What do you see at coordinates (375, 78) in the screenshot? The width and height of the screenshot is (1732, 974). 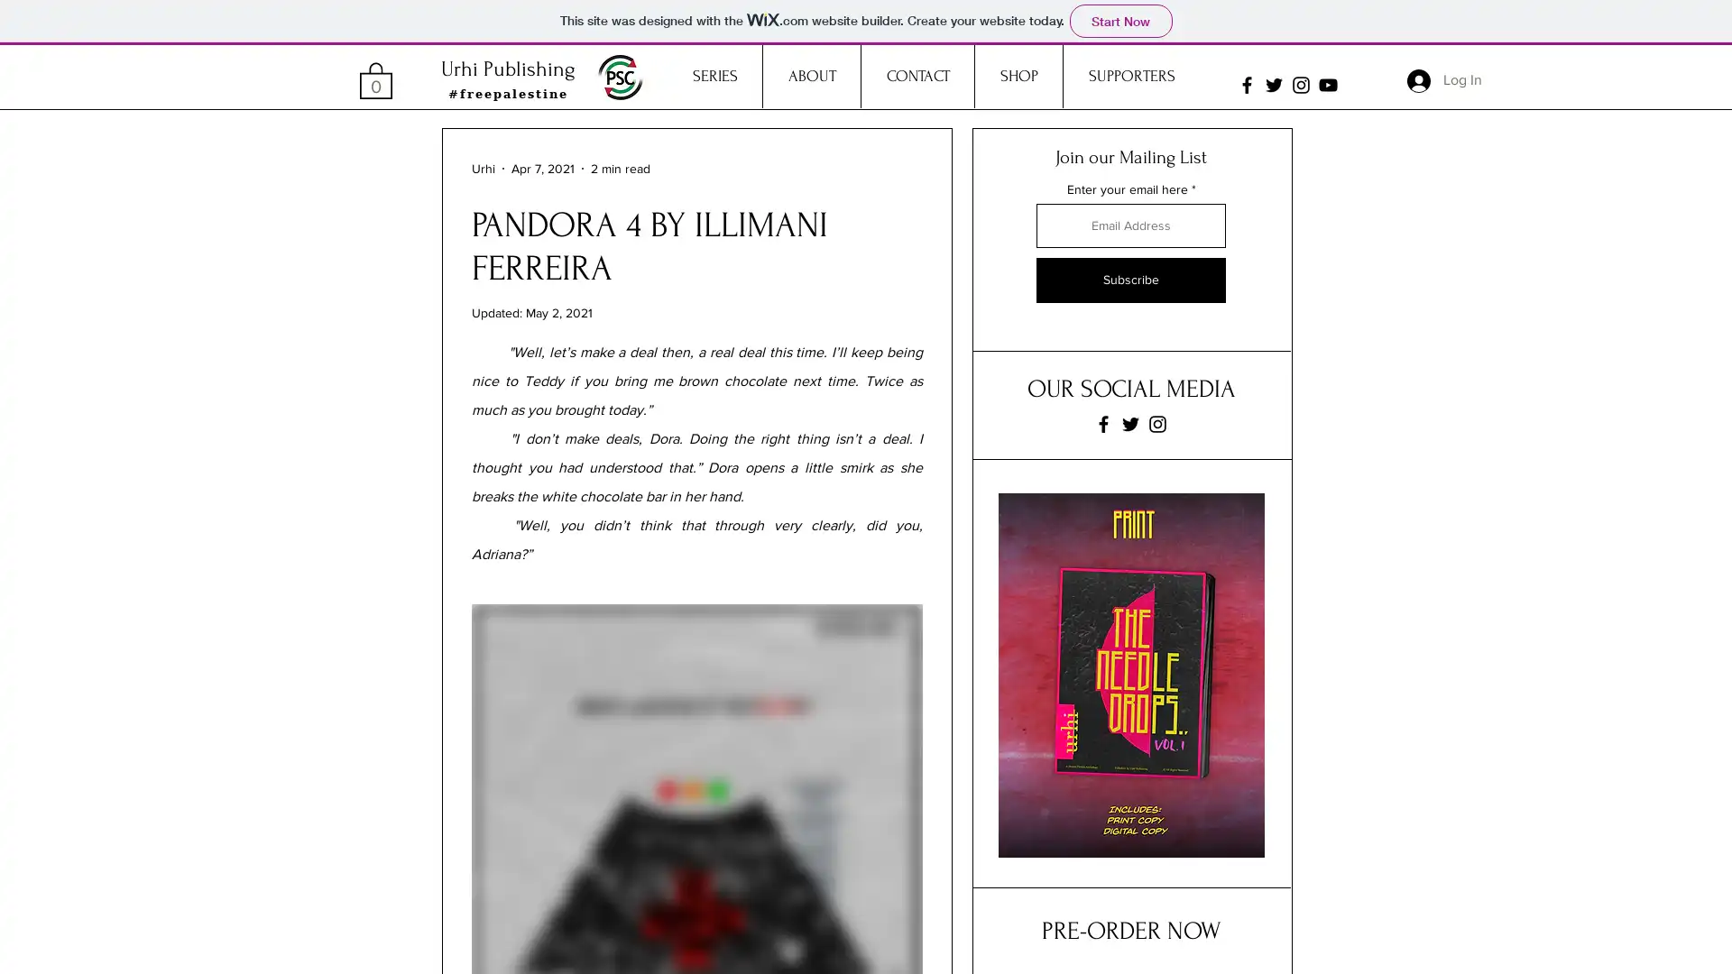 I see `Cart with 0 items` at bounding box center [375, 78].